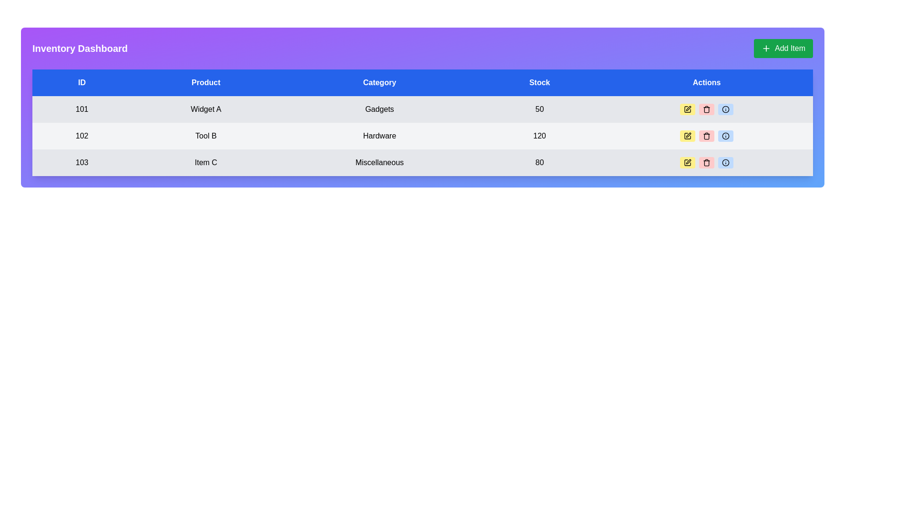 This screenshot has height=514, width=915. I want to click on the information icon represented by the SVG Circle, located on the rightmost side of the 'Actions' column in the last row of the table, so click(725, 109).